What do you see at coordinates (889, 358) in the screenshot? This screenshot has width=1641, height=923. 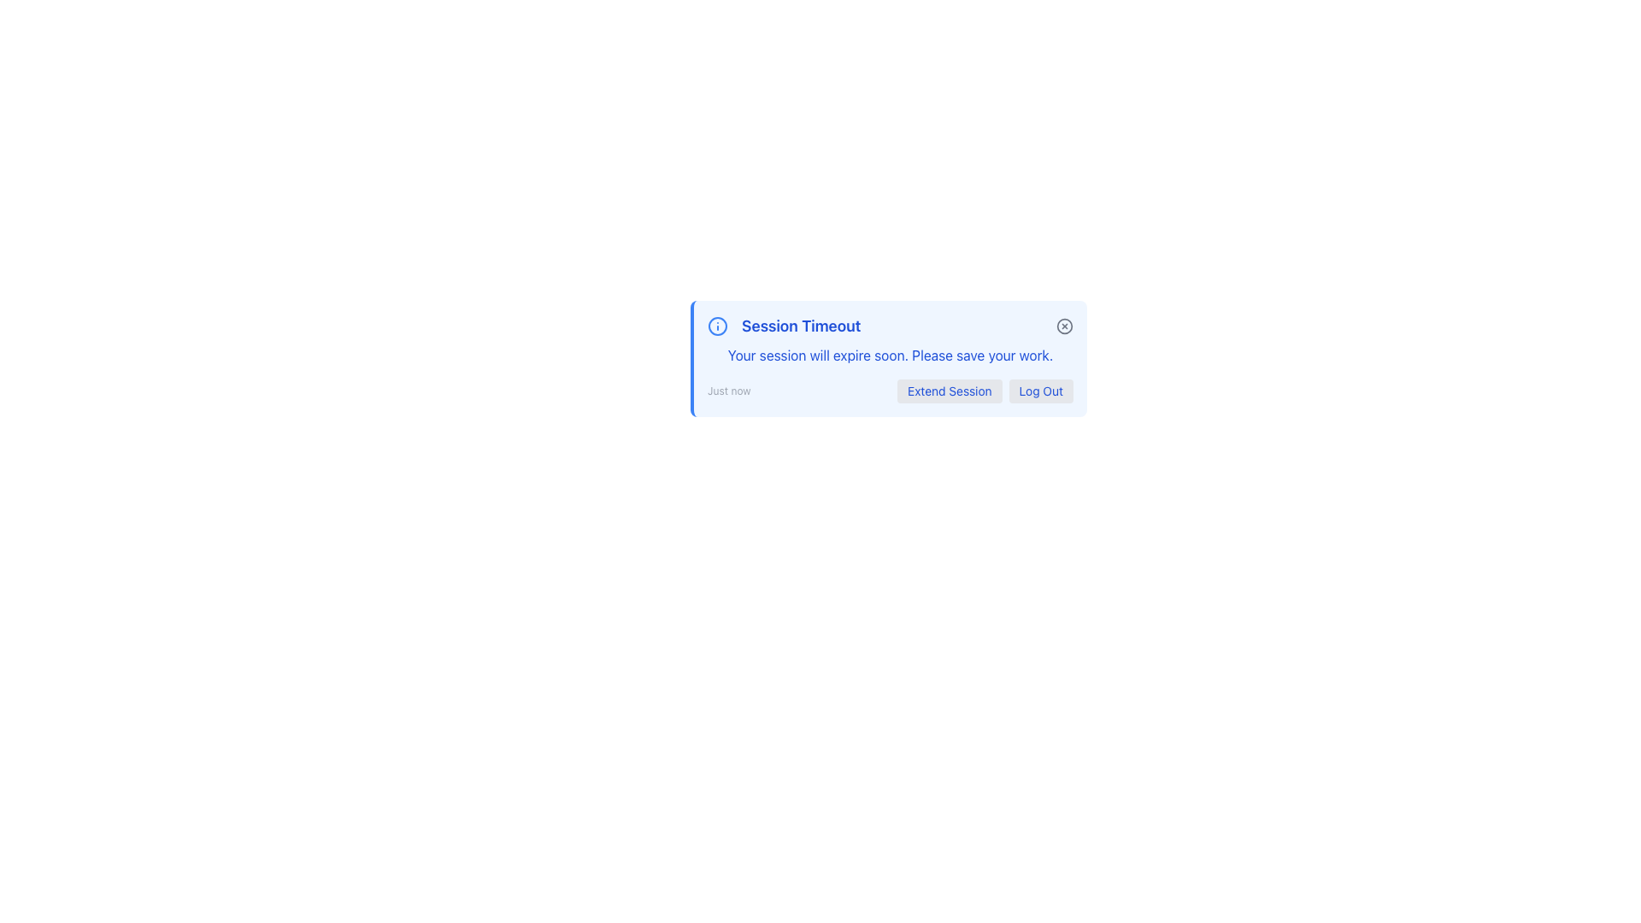 I see `notification message from the Notification box titled 'Session Timeout', which contains details about session expiration and options to 'Extend Session' or 'Log Out'` at bounding box center [889, 358].